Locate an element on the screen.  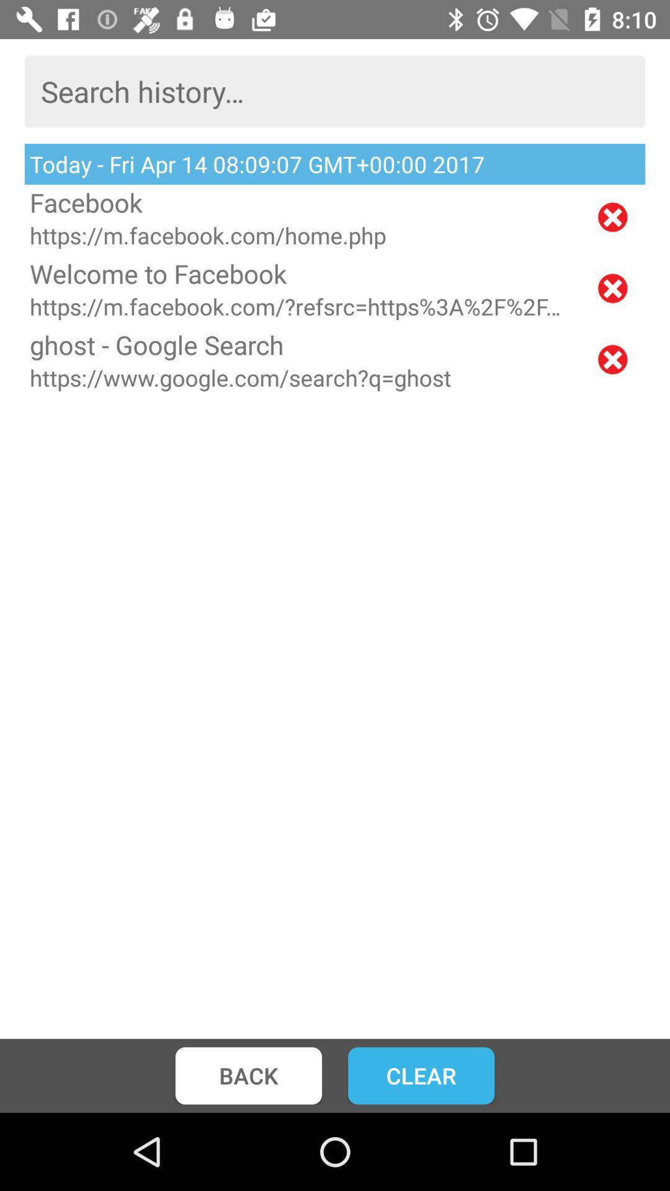
item below the https www google item is located at coordinates (421, 1075).